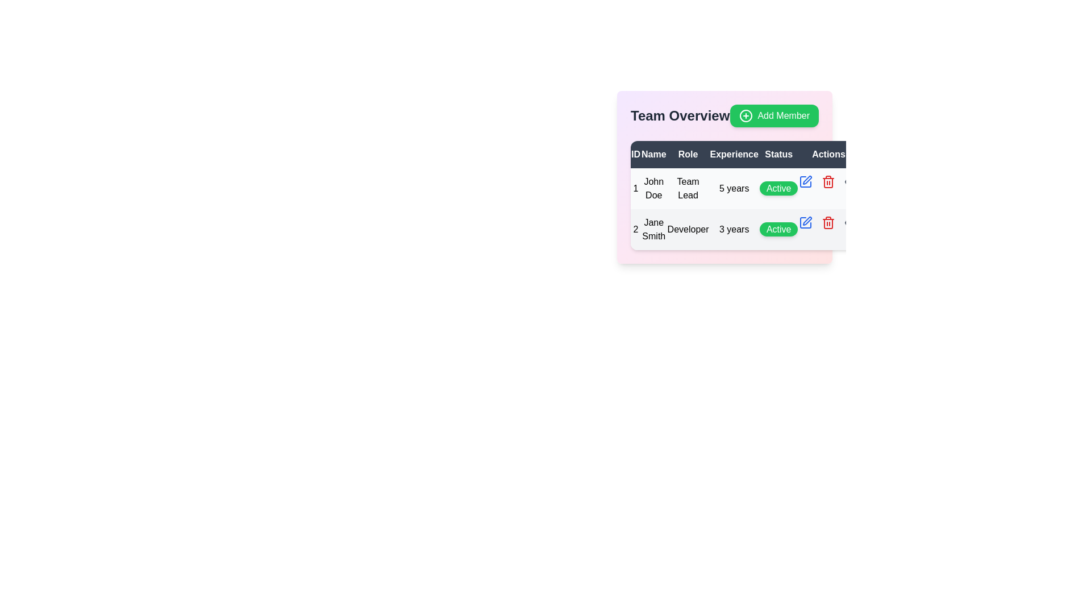 The height and width of the screenshot is (614, 1091). What do you see at coordinates (744, 194) in the screenshot?
I see `the rows of the Data table displaying team member details` at bounding box center [744, 194].